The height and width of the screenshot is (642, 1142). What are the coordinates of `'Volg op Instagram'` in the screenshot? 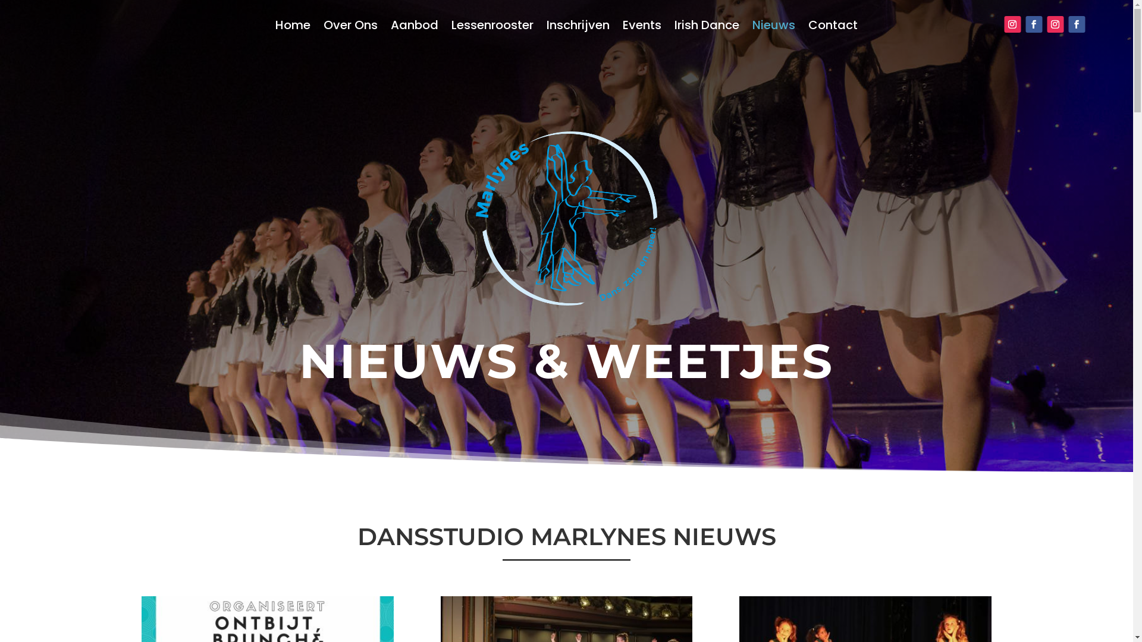 It's located at (1055, 24).